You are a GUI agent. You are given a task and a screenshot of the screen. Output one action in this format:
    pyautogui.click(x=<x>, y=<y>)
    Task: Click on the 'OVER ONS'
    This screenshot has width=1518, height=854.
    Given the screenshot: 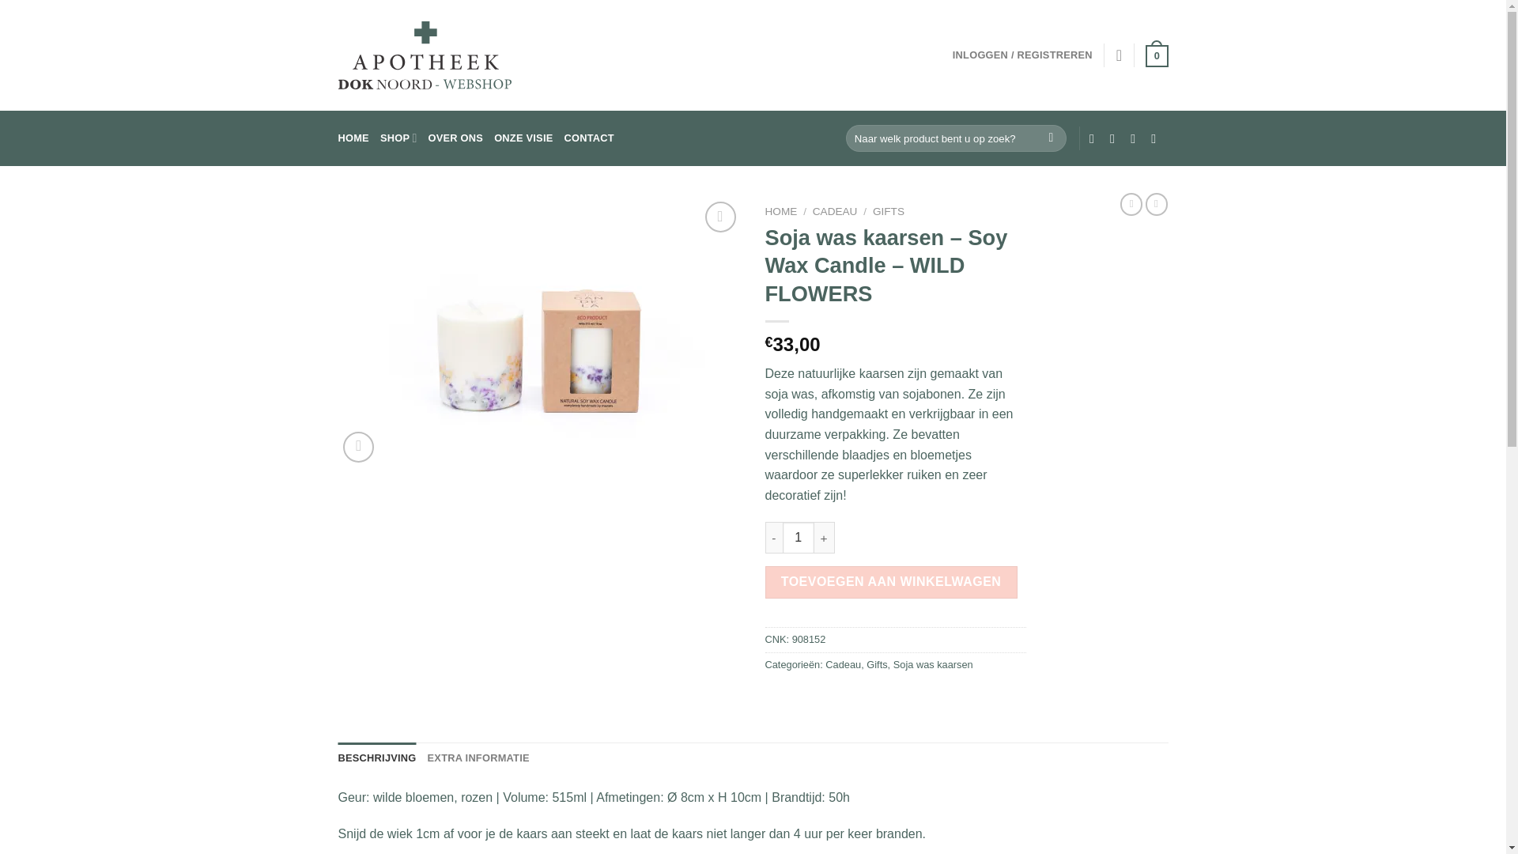 What is the action you would take?
    pyautogui.click(x=455, y=137)
    